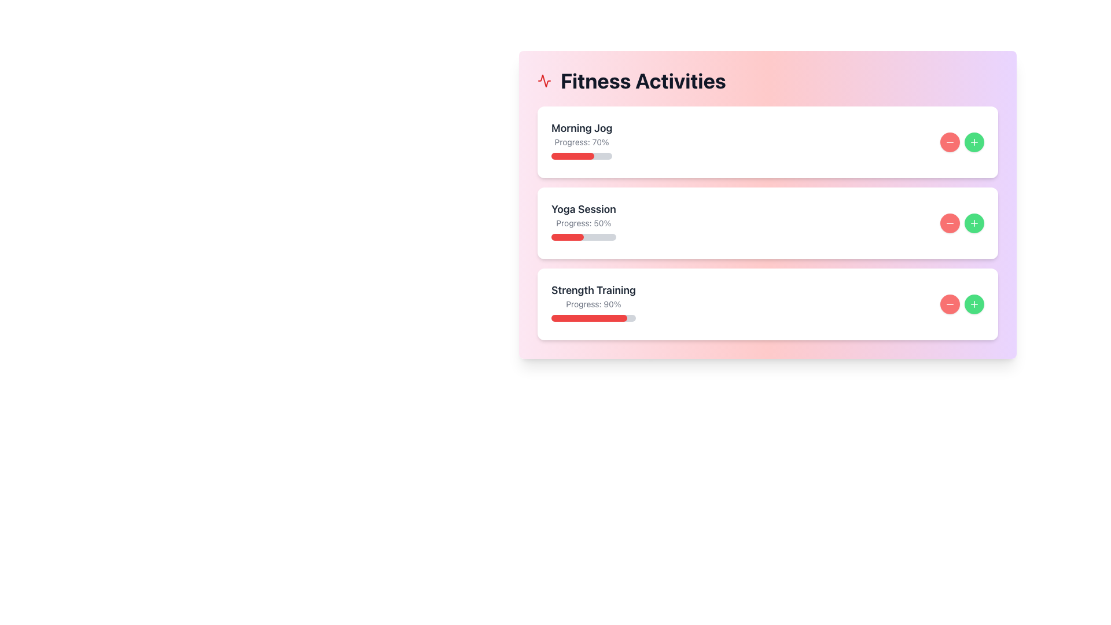 The height and width of the screenshot is (625, 1111). I want to click on the second button in the pair of buttons located at the rightmost end of the top activity section, so click(974, 142).